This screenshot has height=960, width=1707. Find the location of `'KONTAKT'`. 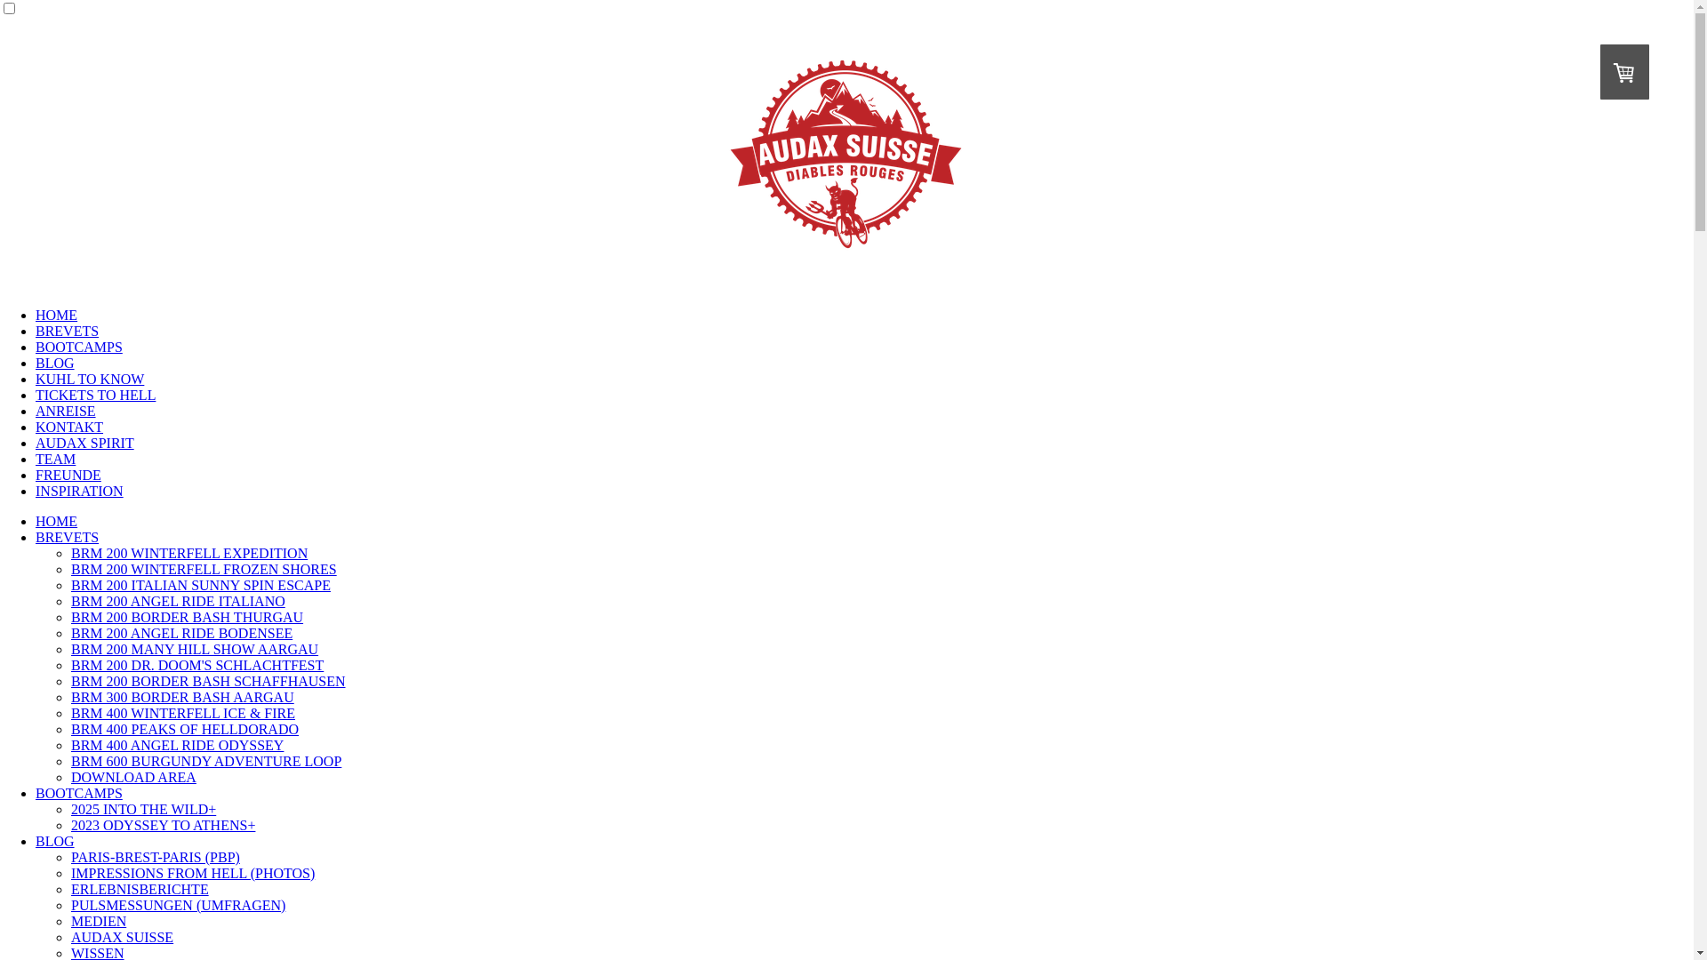

'KONTAKT' is located at coordinates (68, 427).